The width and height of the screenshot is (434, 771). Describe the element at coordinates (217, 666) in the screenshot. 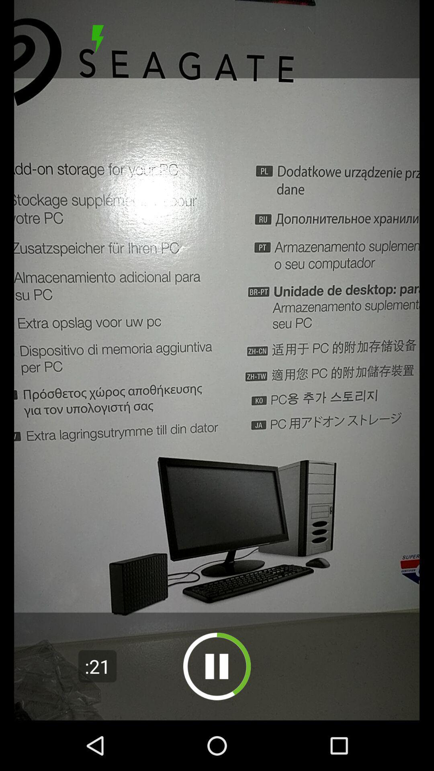

I see `pause` at that location.